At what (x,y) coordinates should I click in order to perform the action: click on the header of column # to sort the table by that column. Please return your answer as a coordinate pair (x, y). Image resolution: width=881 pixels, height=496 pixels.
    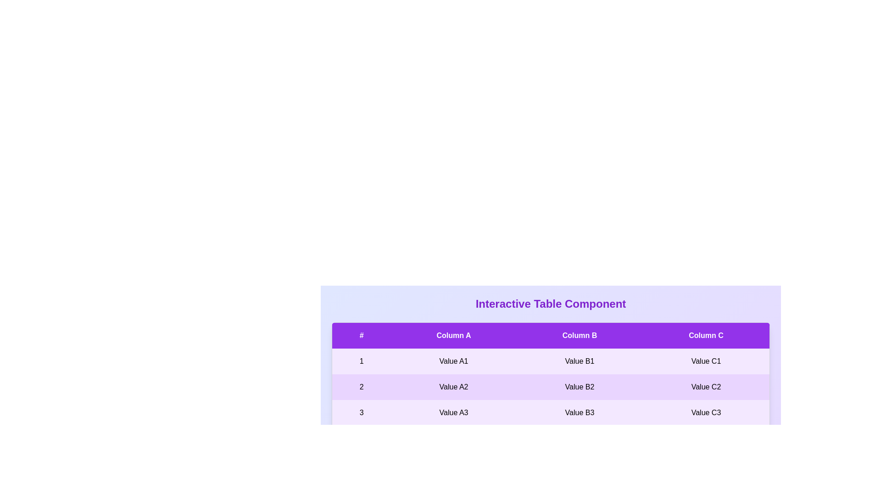
    Looking at the image, I should click on (361, 335).